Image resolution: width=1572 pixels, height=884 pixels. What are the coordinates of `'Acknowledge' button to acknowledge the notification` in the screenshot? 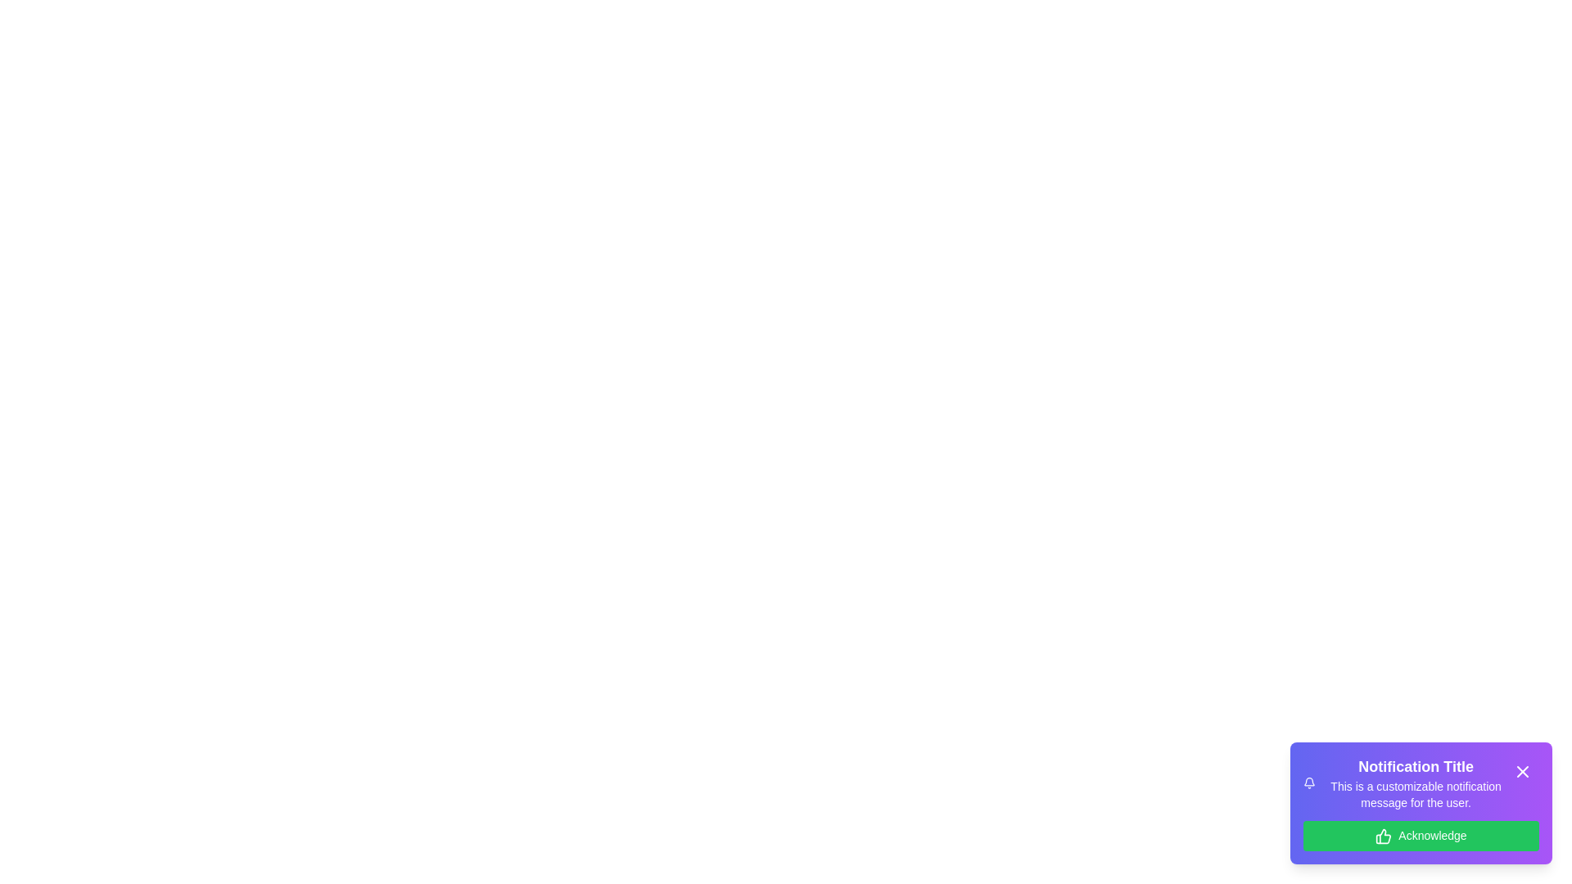 It's located at (1421, 836).